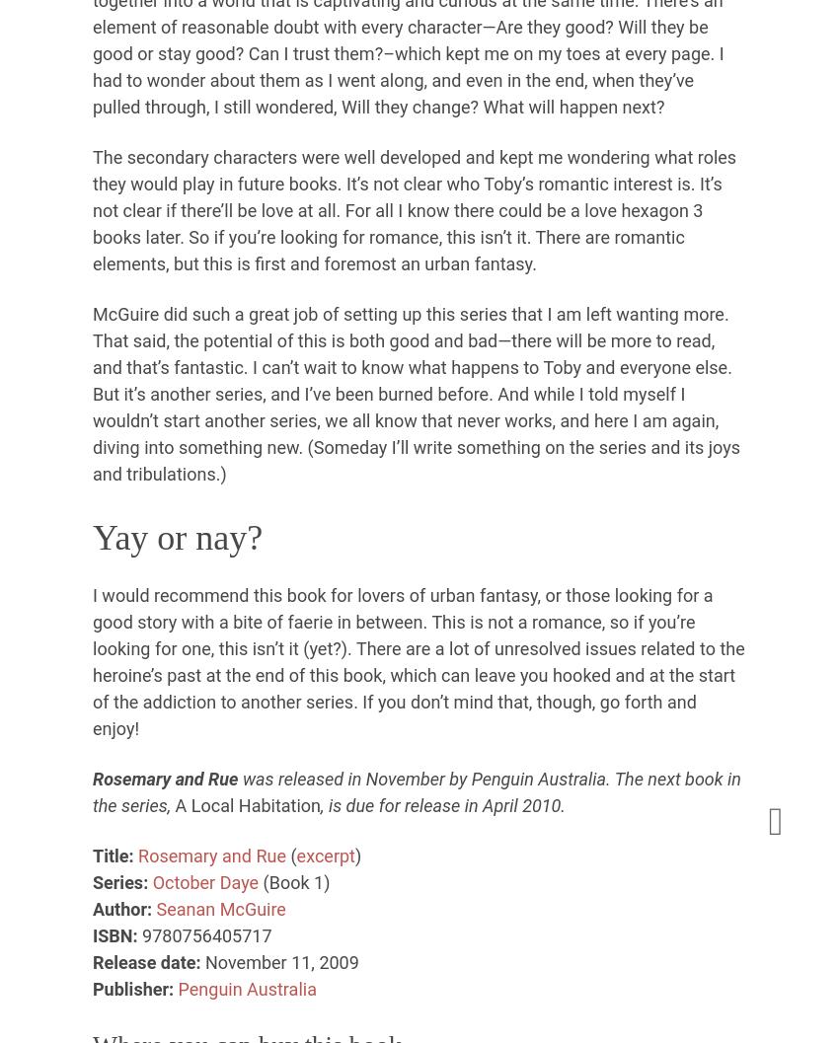  Describe the element at coordinates (248, 804) in the screenshot. I see `'A Local Habitation'` at that location.